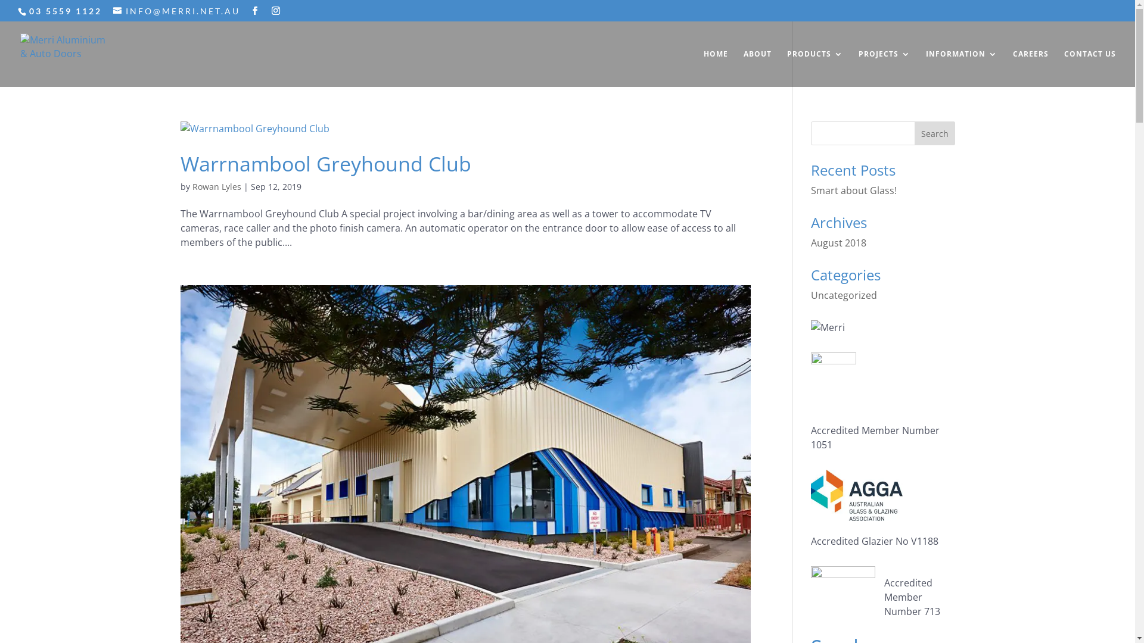  What do you see at coordinates (703, 68) in the screenshot?
I see `'HOME'` at bounding box center [703, 68].